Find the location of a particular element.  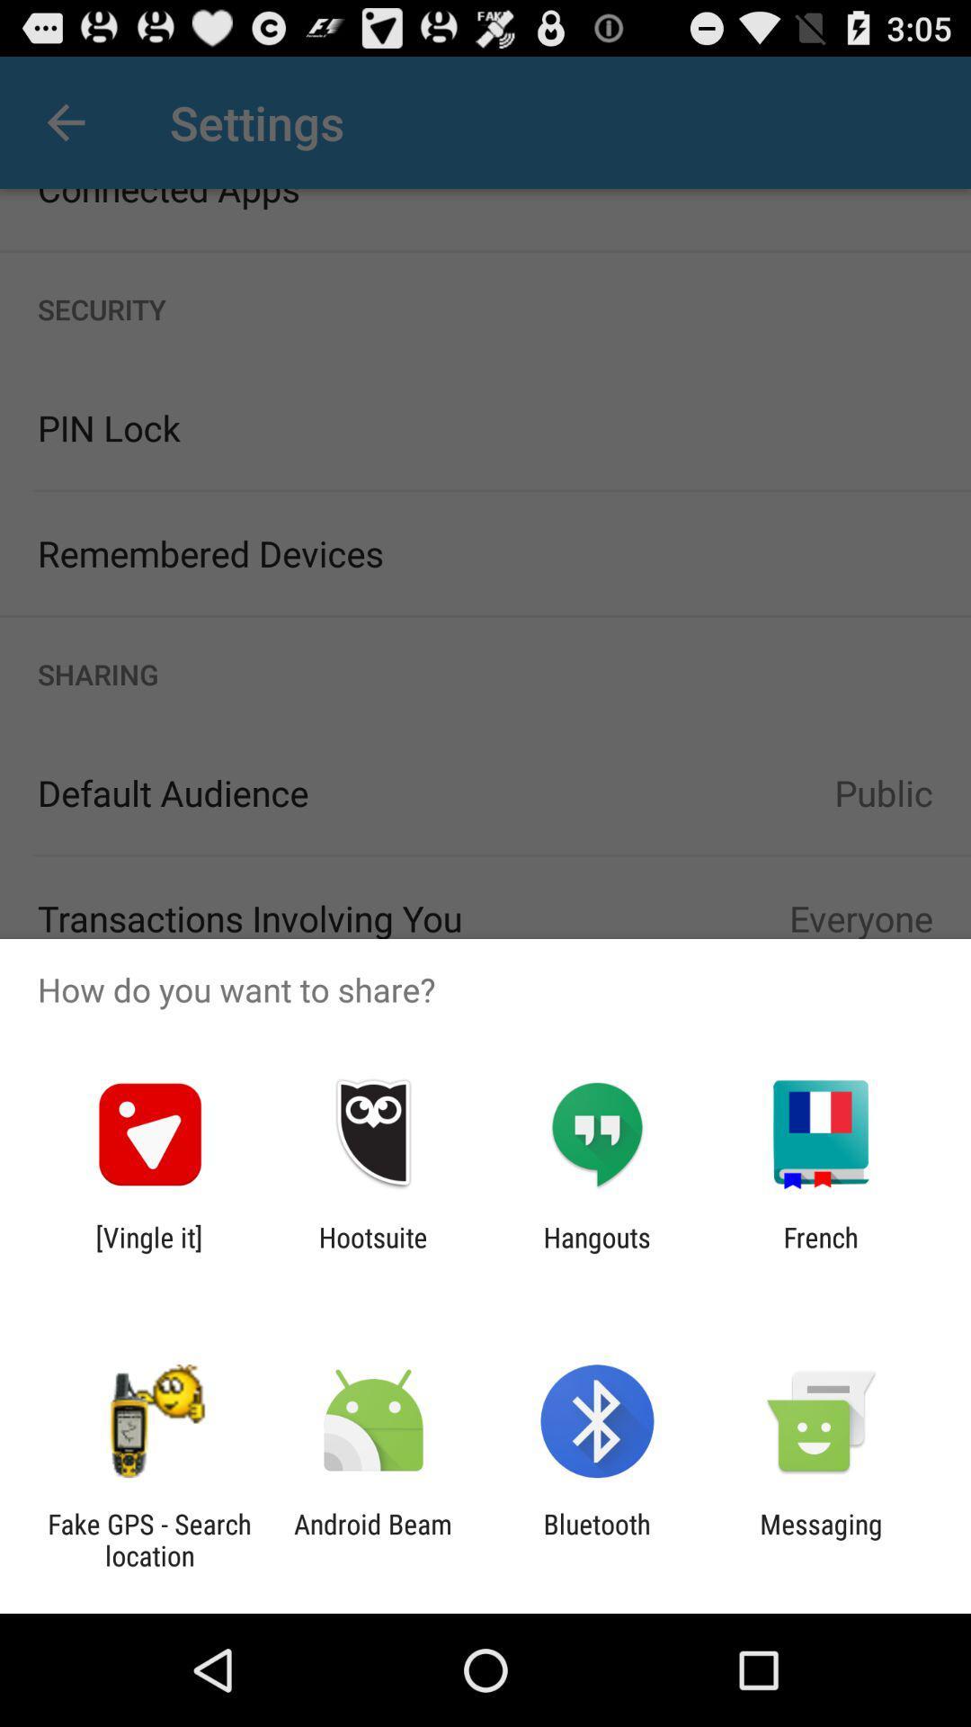

icon next to the bluetooth icon is located at coordinates (372, 1539).